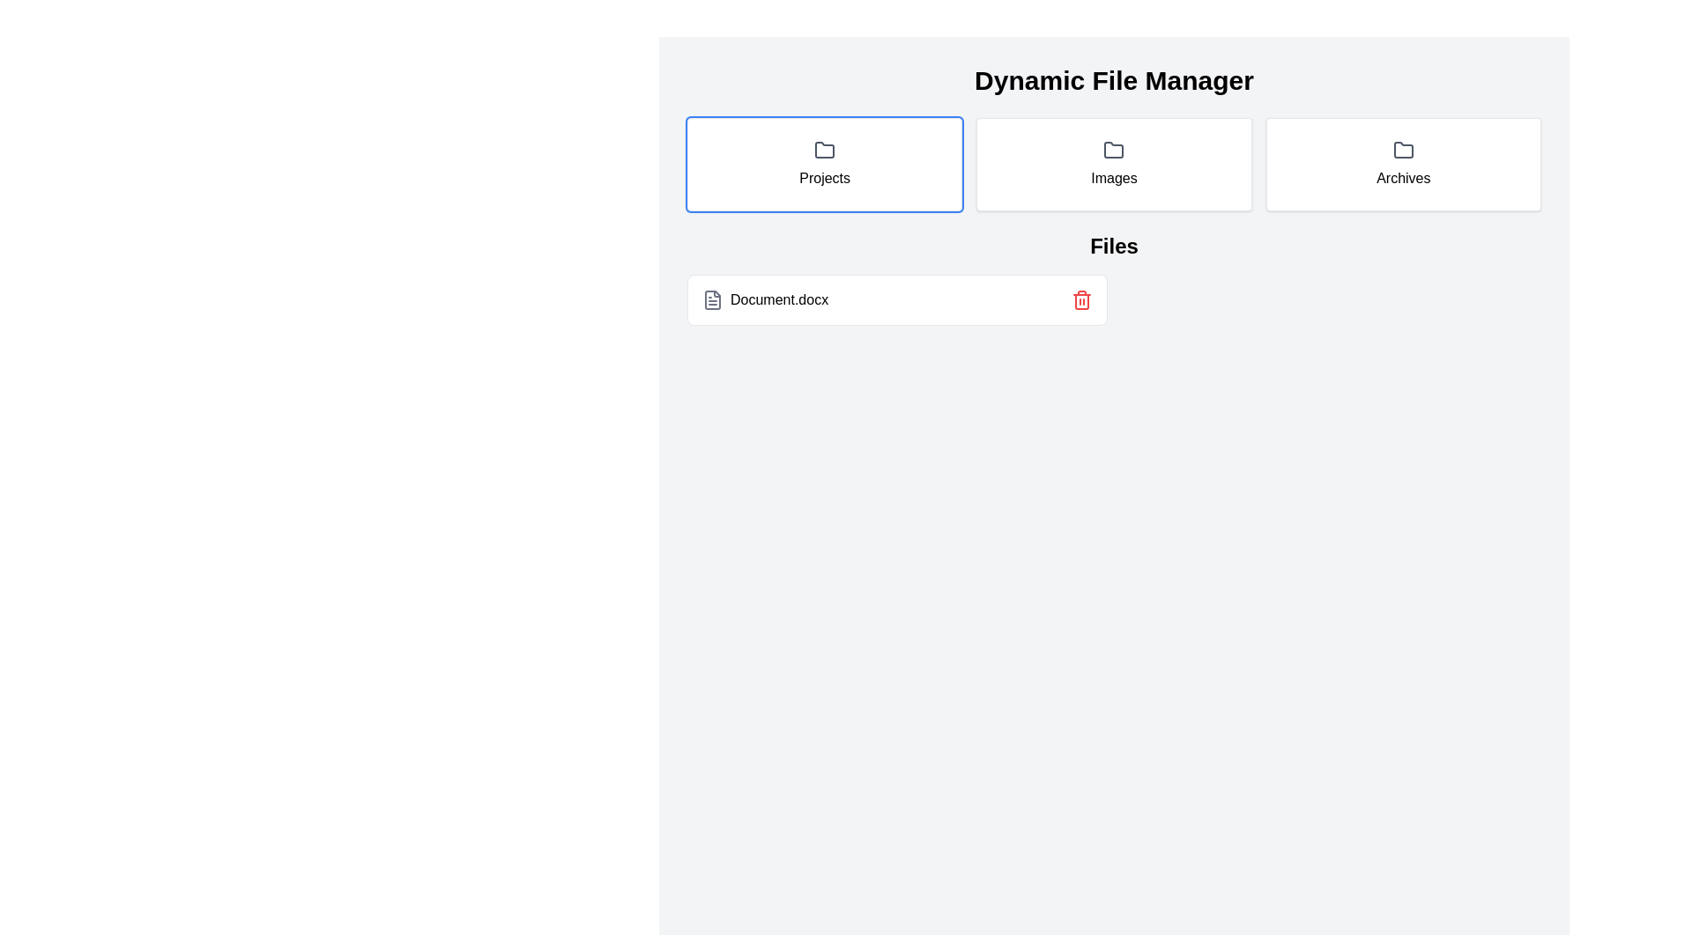 Image resolution: width=1692 pixels, height=951 pixels. I want to click on the 'Projects' card in the grid layout, so click(824, 164).